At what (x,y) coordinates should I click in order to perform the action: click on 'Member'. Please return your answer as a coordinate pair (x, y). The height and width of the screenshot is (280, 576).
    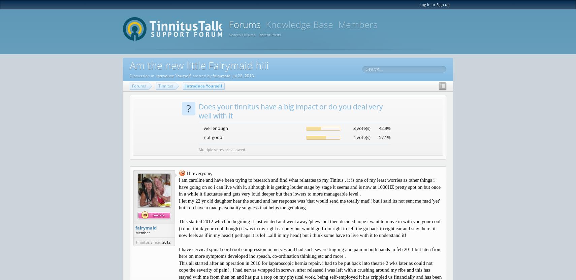
    Looking at the image, I should click on (142, 232).